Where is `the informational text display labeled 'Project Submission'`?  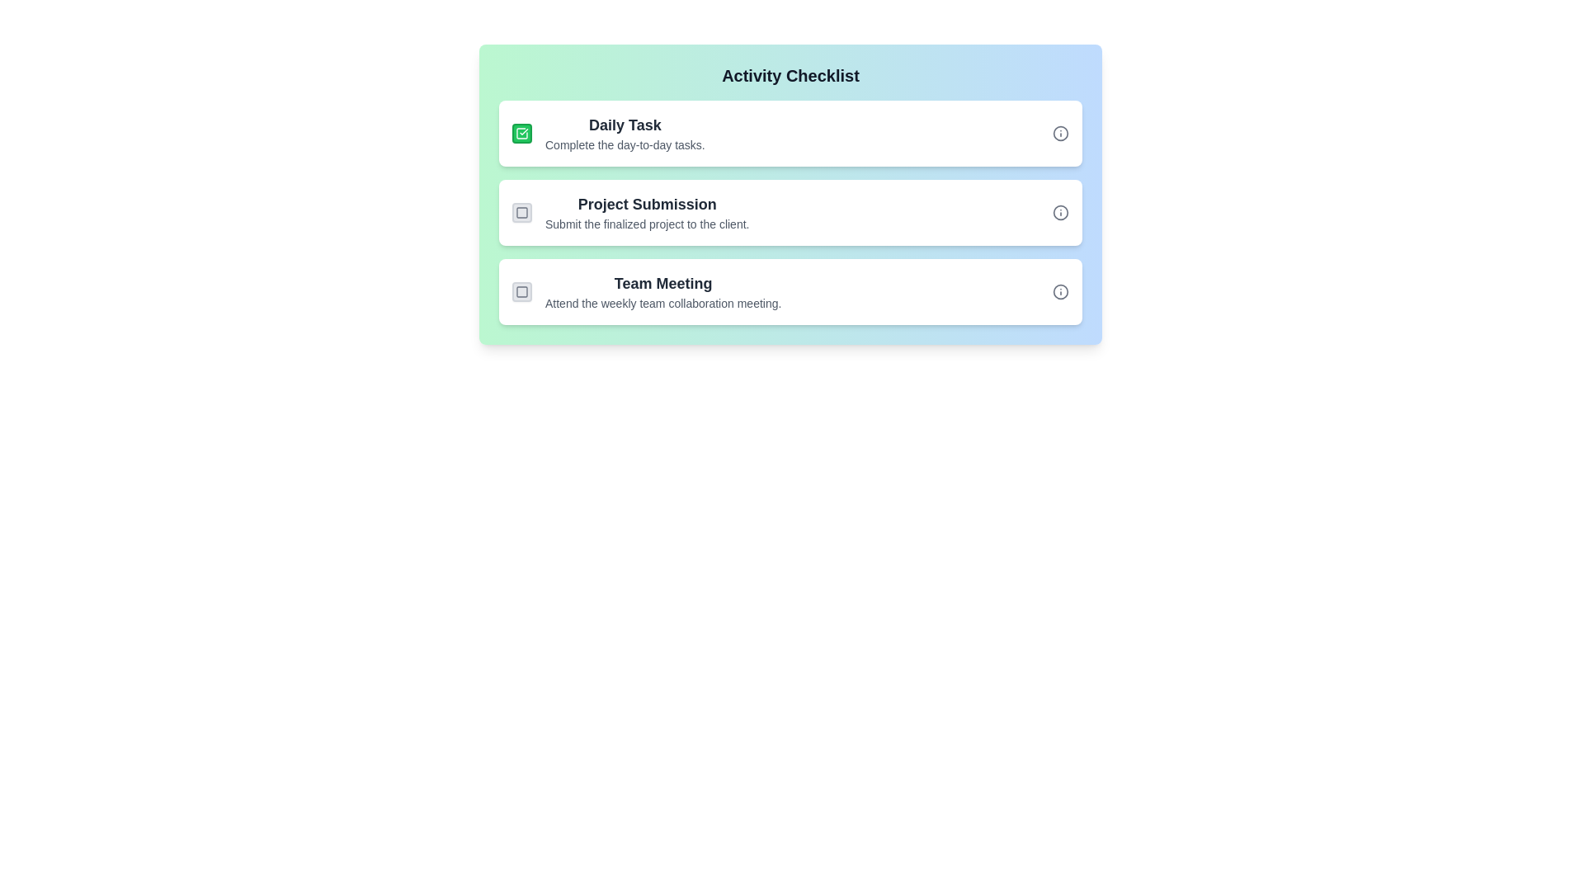
the informational text display labeled 'Project Submission' is located at coordinates (646, 212).